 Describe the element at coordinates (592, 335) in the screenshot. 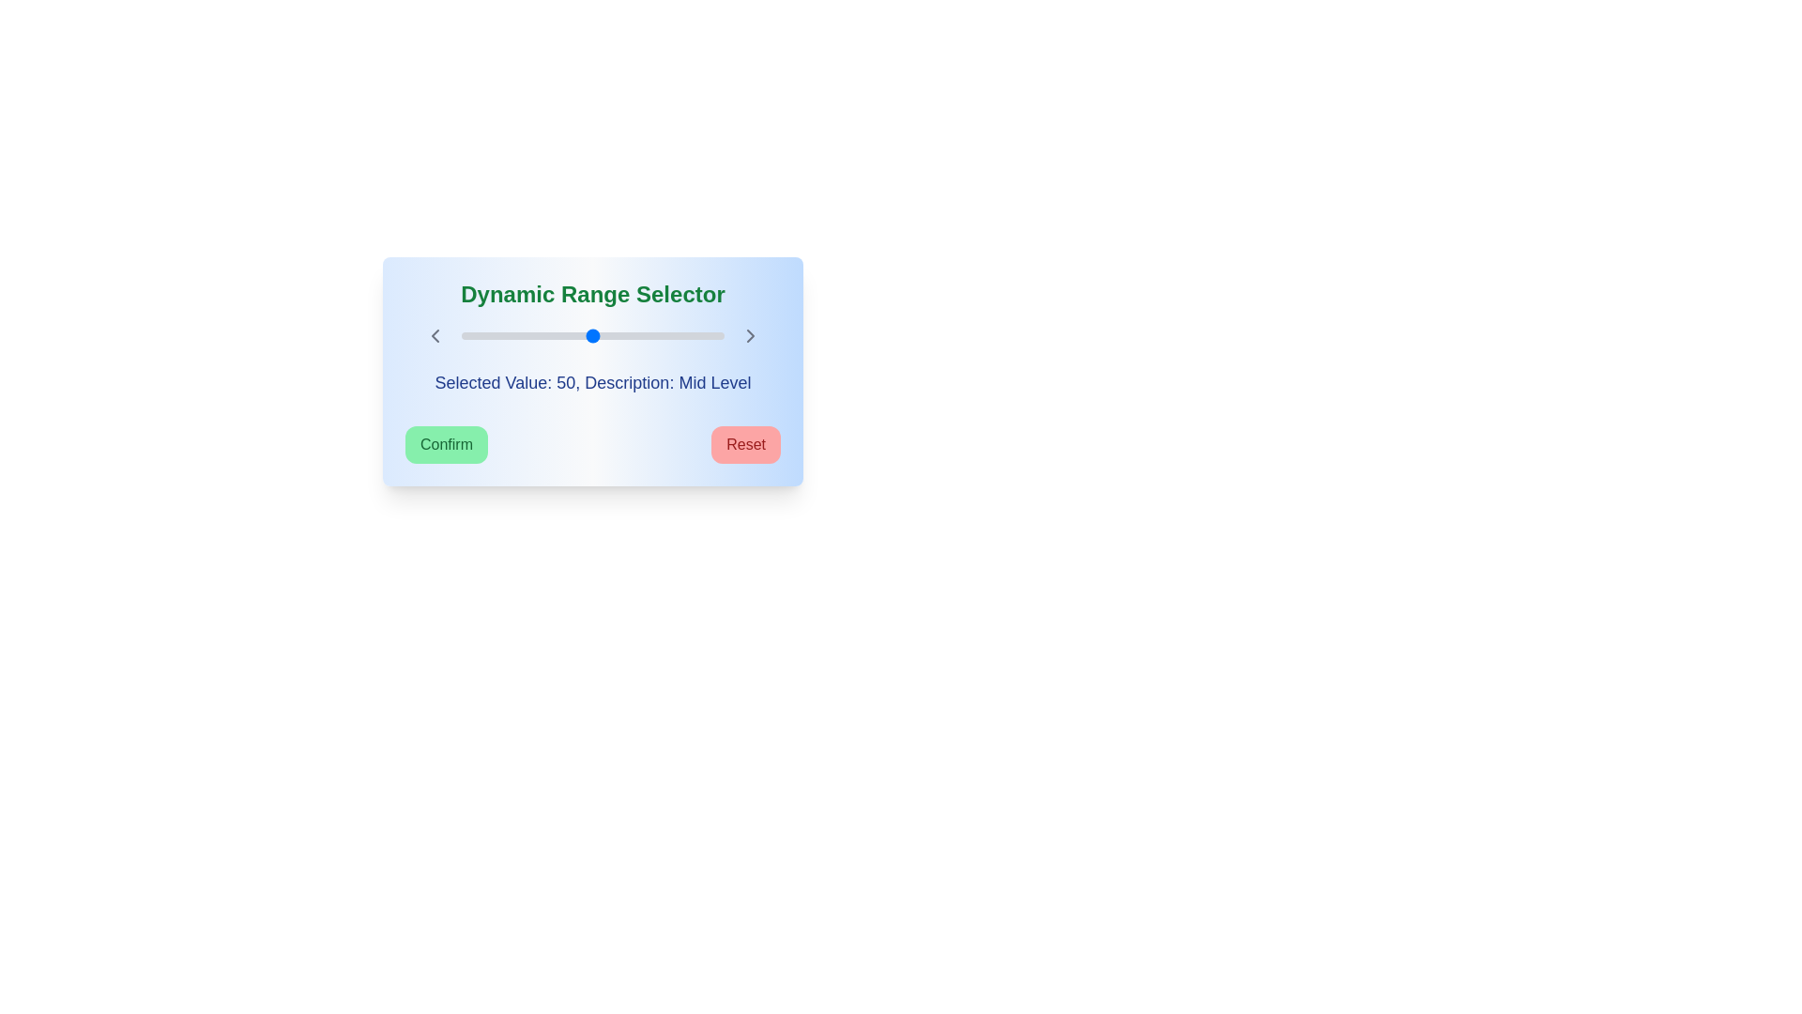

I see `the slider` at that location.